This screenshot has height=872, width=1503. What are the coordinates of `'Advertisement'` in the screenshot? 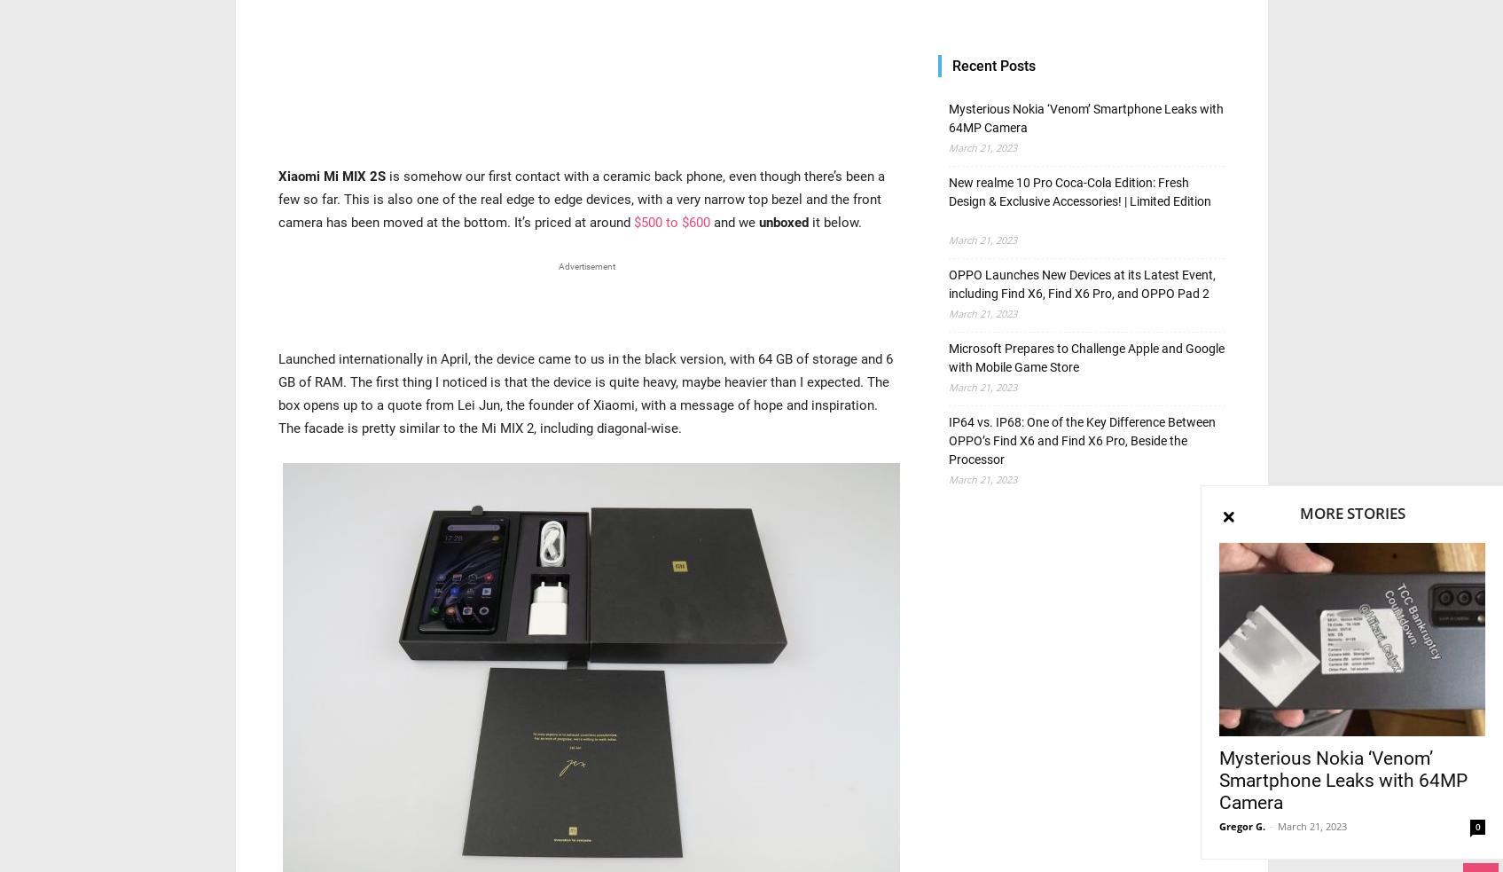 It's located at (586, 265).